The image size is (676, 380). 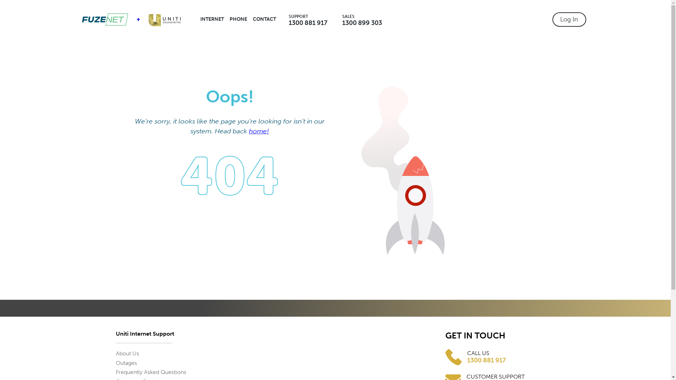 What do you see at coordinates (569, 19) in the screenshot?
I see `'Log In'` at bounding box center [569, 19].